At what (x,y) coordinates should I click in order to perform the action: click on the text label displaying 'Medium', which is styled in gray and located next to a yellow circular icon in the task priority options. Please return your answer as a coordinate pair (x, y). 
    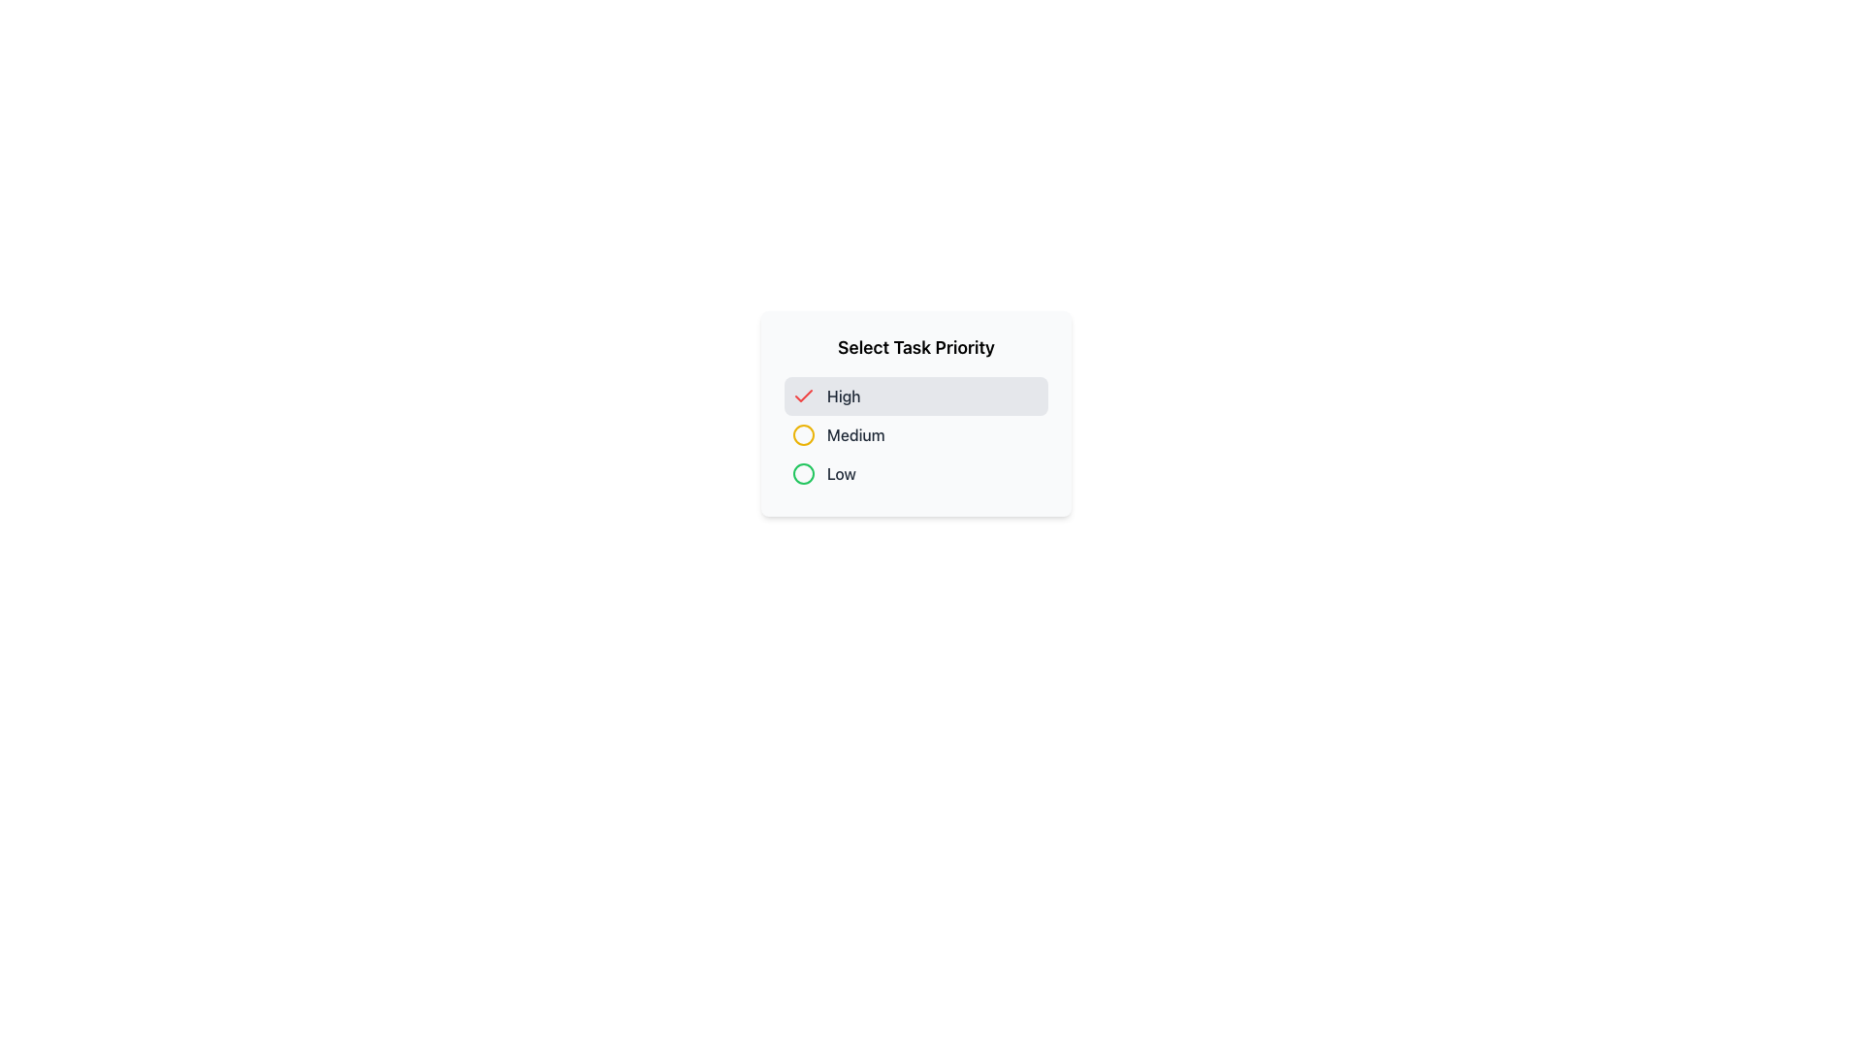
    Looking at the image, I should click on (854, 433).